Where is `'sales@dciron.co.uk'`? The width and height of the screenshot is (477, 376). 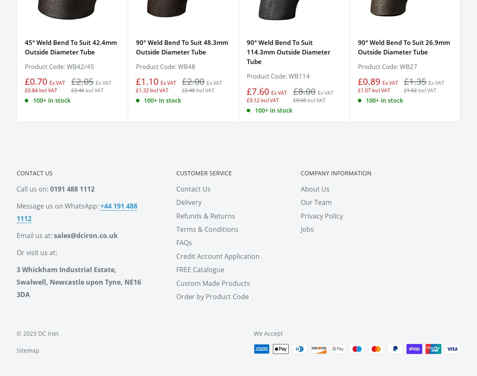
'sales@dciron.co.uk' is located at coordinates (85, 235).